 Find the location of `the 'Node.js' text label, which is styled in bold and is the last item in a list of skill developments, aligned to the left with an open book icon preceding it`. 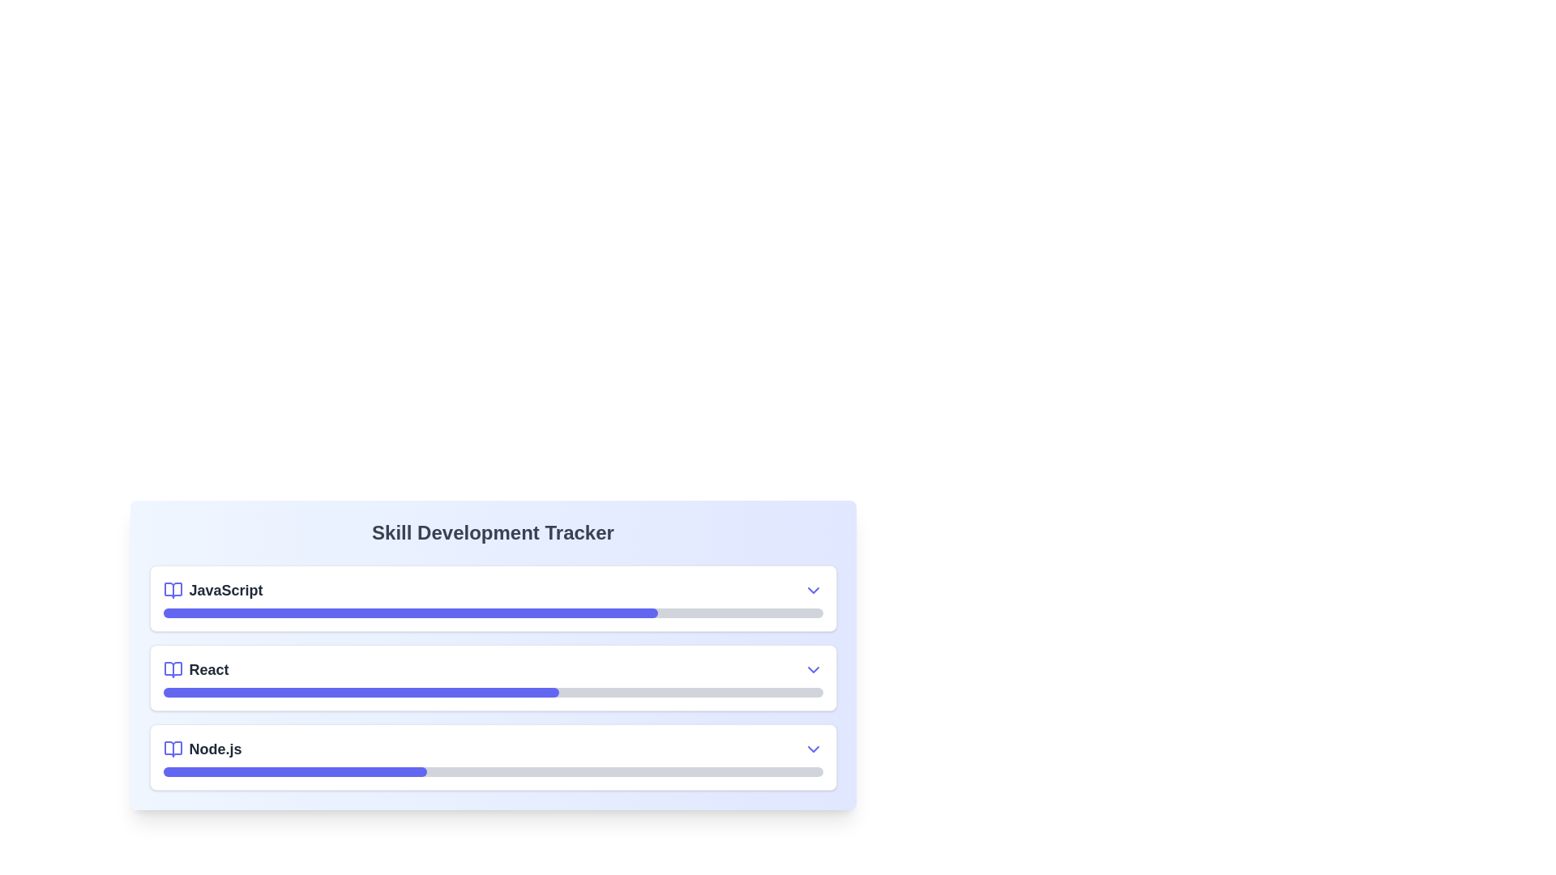

the 'Node.js' text label, which is styled in bold and is the last item in a list of skill developments, aligned to the left with an open book icon preceding it is located at coordinates (214, 749).